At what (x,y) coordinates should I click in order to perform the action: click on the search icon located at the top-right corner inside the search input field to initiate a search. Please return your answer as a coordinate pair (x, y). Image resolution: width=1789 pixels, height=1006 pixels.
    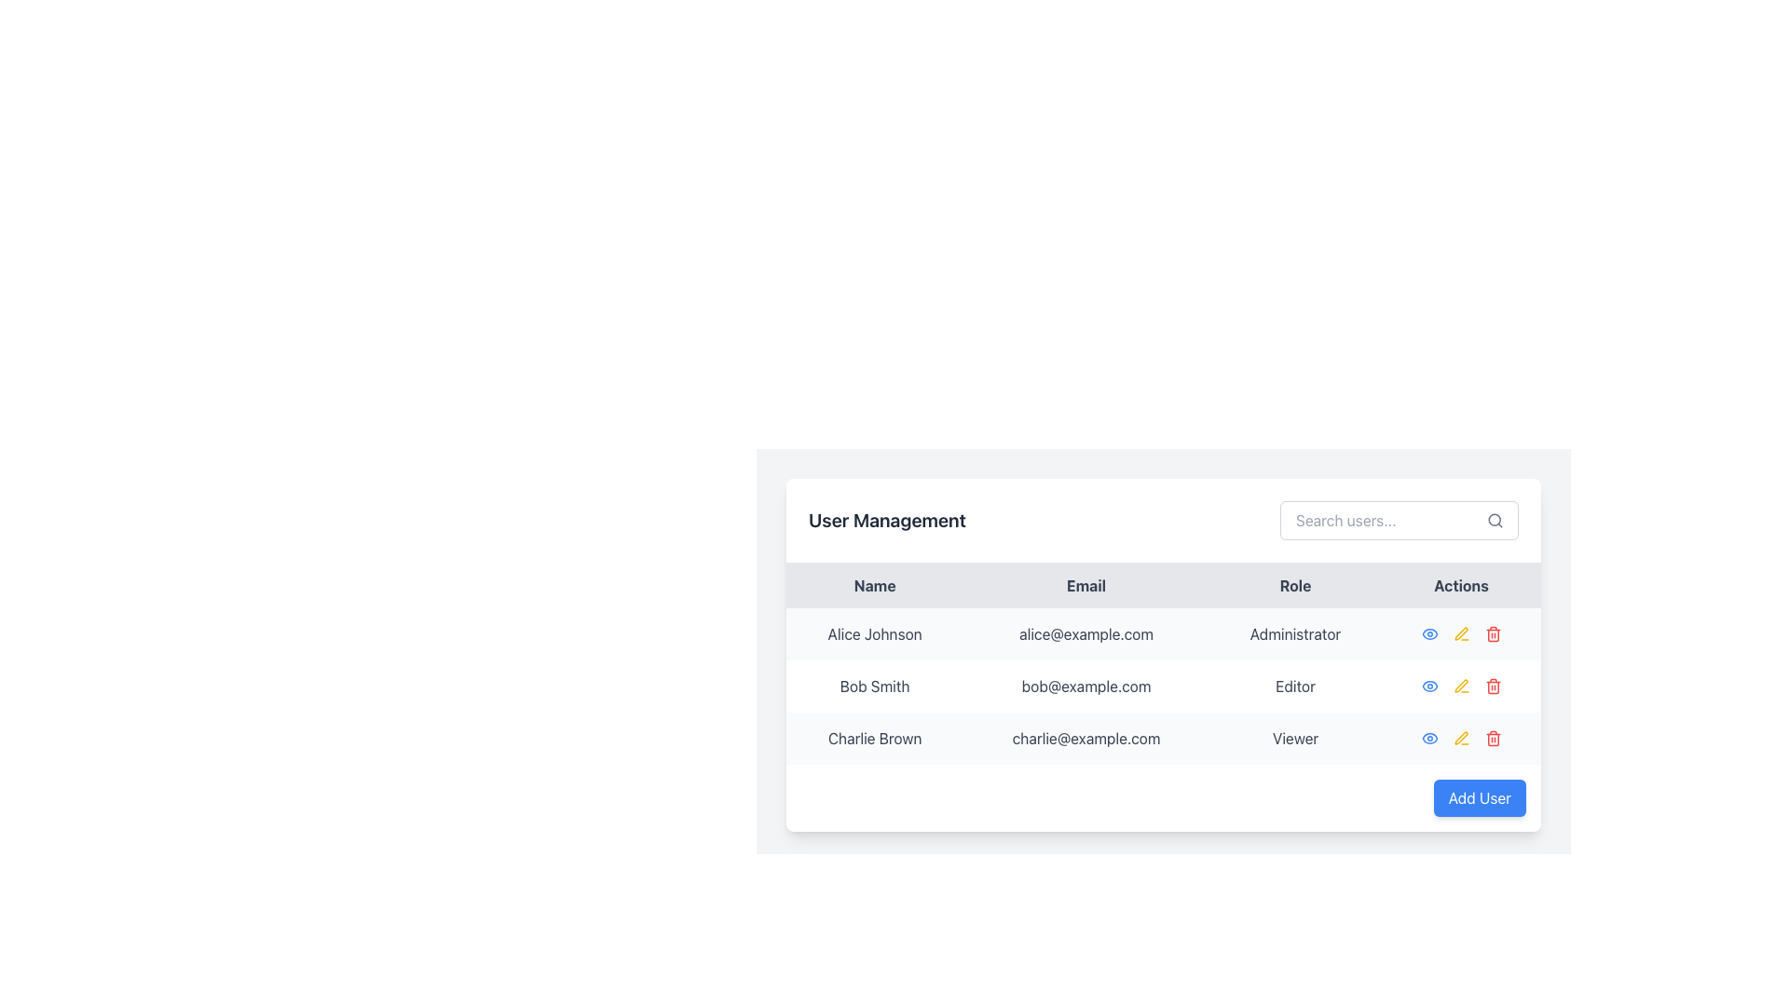
    Looking at the image, I should click on (1495, 521).